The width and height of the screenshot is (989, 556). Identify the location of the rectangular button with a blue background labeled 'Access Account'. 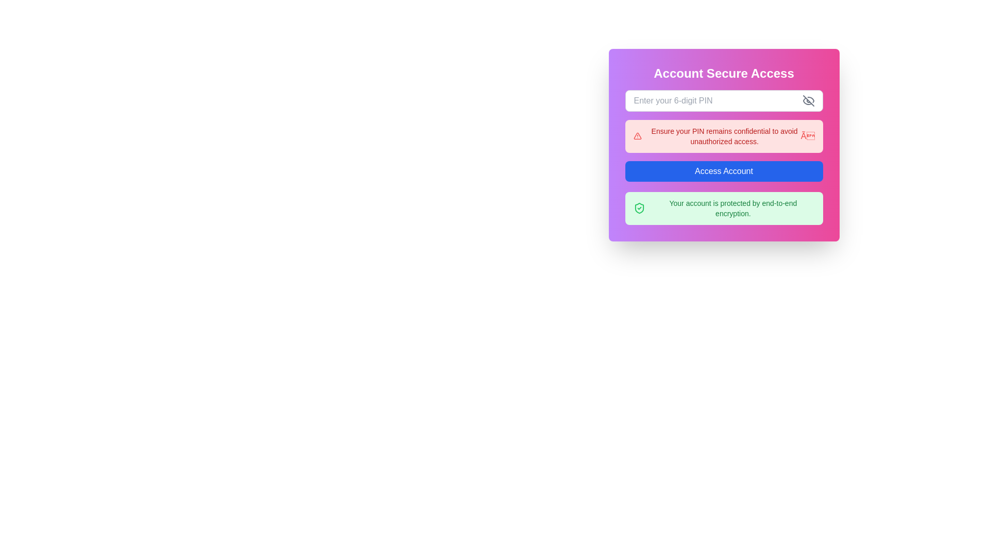
(723, 170).